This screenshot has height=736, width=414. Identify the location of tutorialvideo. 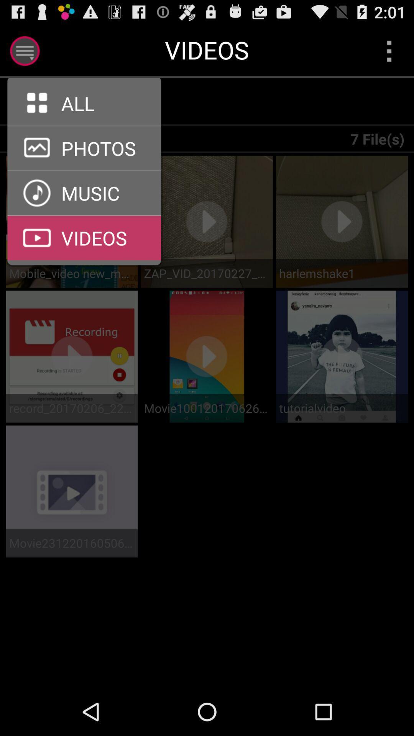
(342, 408).